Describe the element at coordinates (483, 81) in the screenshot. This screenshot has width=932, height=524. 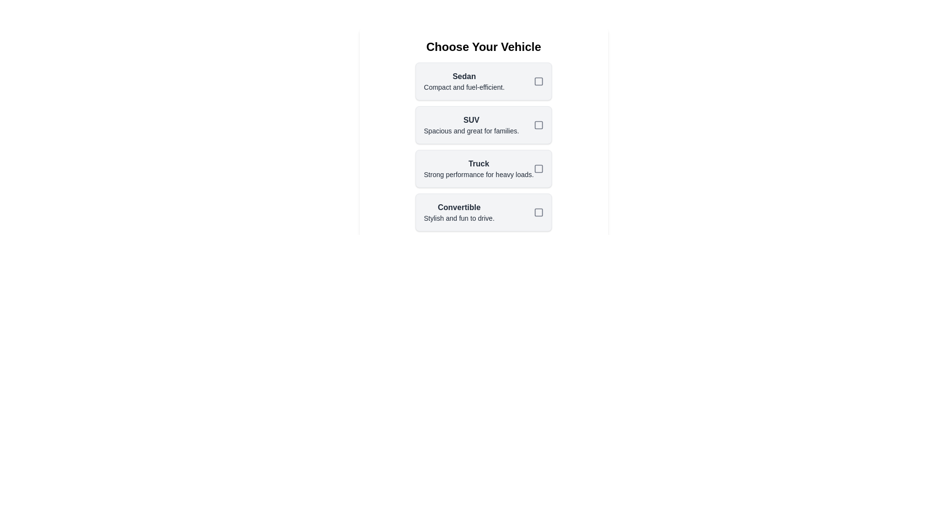
I see `the vehicle entry corresponding to Sedan` at that location.